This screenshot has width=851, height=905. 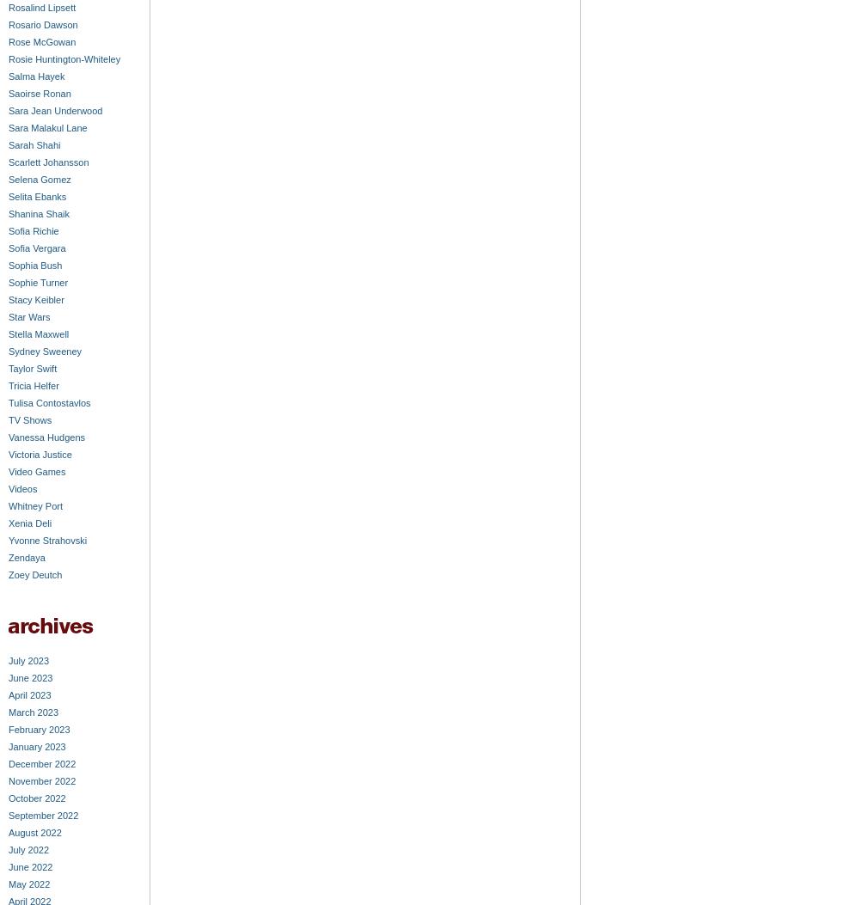 What do you see at coordinates (35, 747) in the screenshot?
I see `'January 2023'` at bounding box center [35, 747].